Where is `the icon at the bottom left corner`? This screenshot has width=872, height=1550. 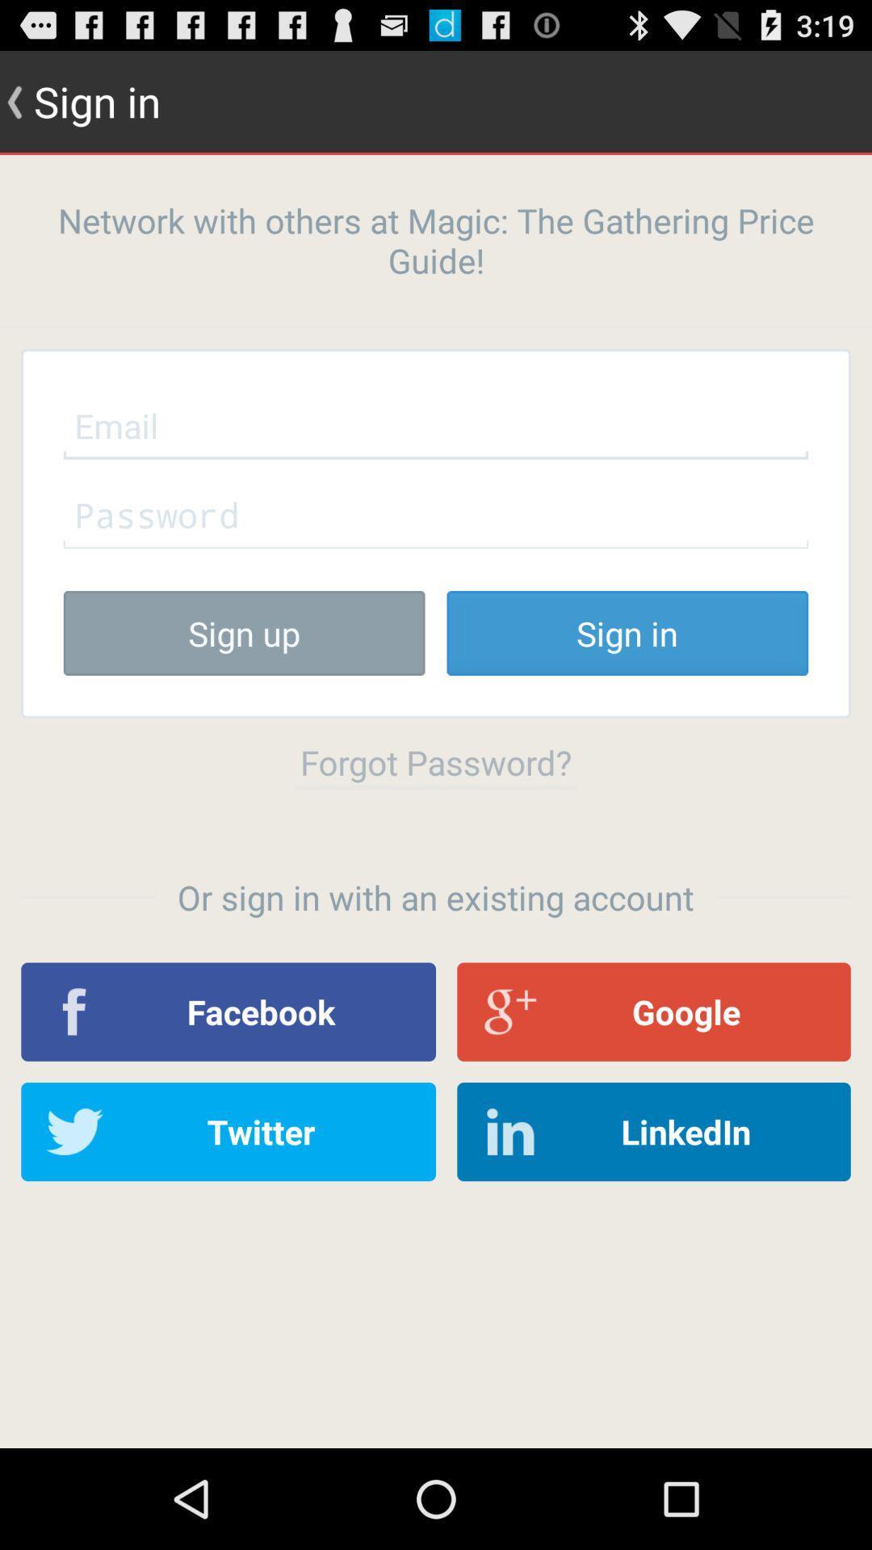 the icon at the bottom left corner is located at coordinates (228, 1131).